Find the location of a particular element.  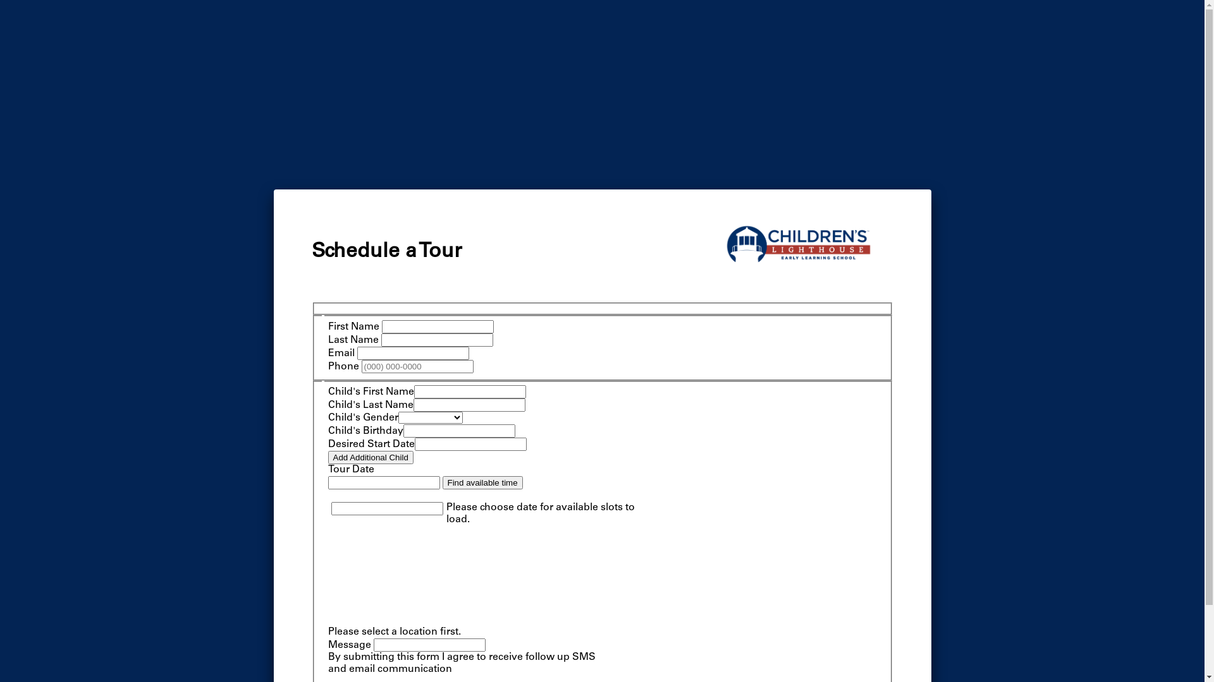

'Add Additional Child' is located at coordinates (369, 457).